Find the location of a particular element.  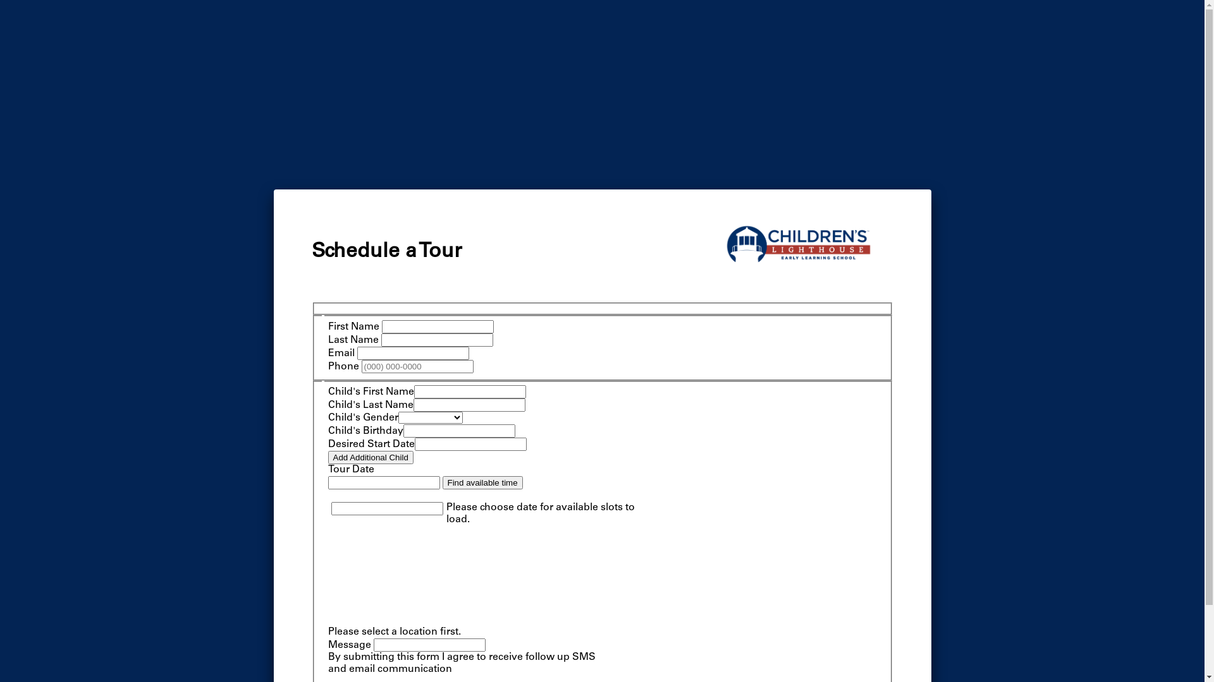

'Add Additional Child' is located at coordinates (369, 457).